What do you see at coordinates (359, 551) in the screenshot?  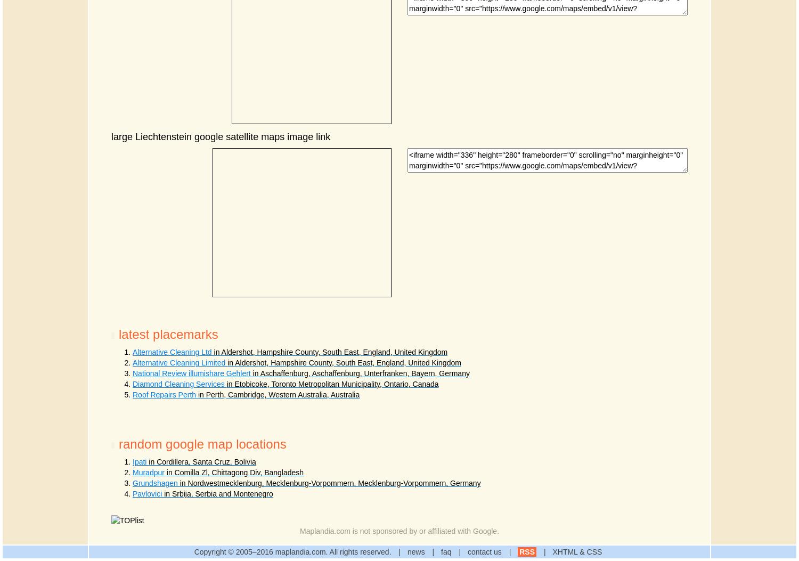 I see `'All rights reserved.'` at bounding box center [359, 551].